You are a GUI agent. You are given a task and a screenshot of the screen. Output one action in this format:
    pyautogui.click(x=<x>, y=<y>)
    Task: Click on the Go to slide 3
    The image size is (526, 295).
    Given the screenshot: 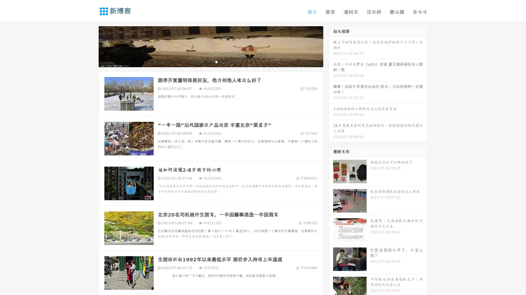 What is the action you would take?
    pyautogui.click(x=216, y=61)
    